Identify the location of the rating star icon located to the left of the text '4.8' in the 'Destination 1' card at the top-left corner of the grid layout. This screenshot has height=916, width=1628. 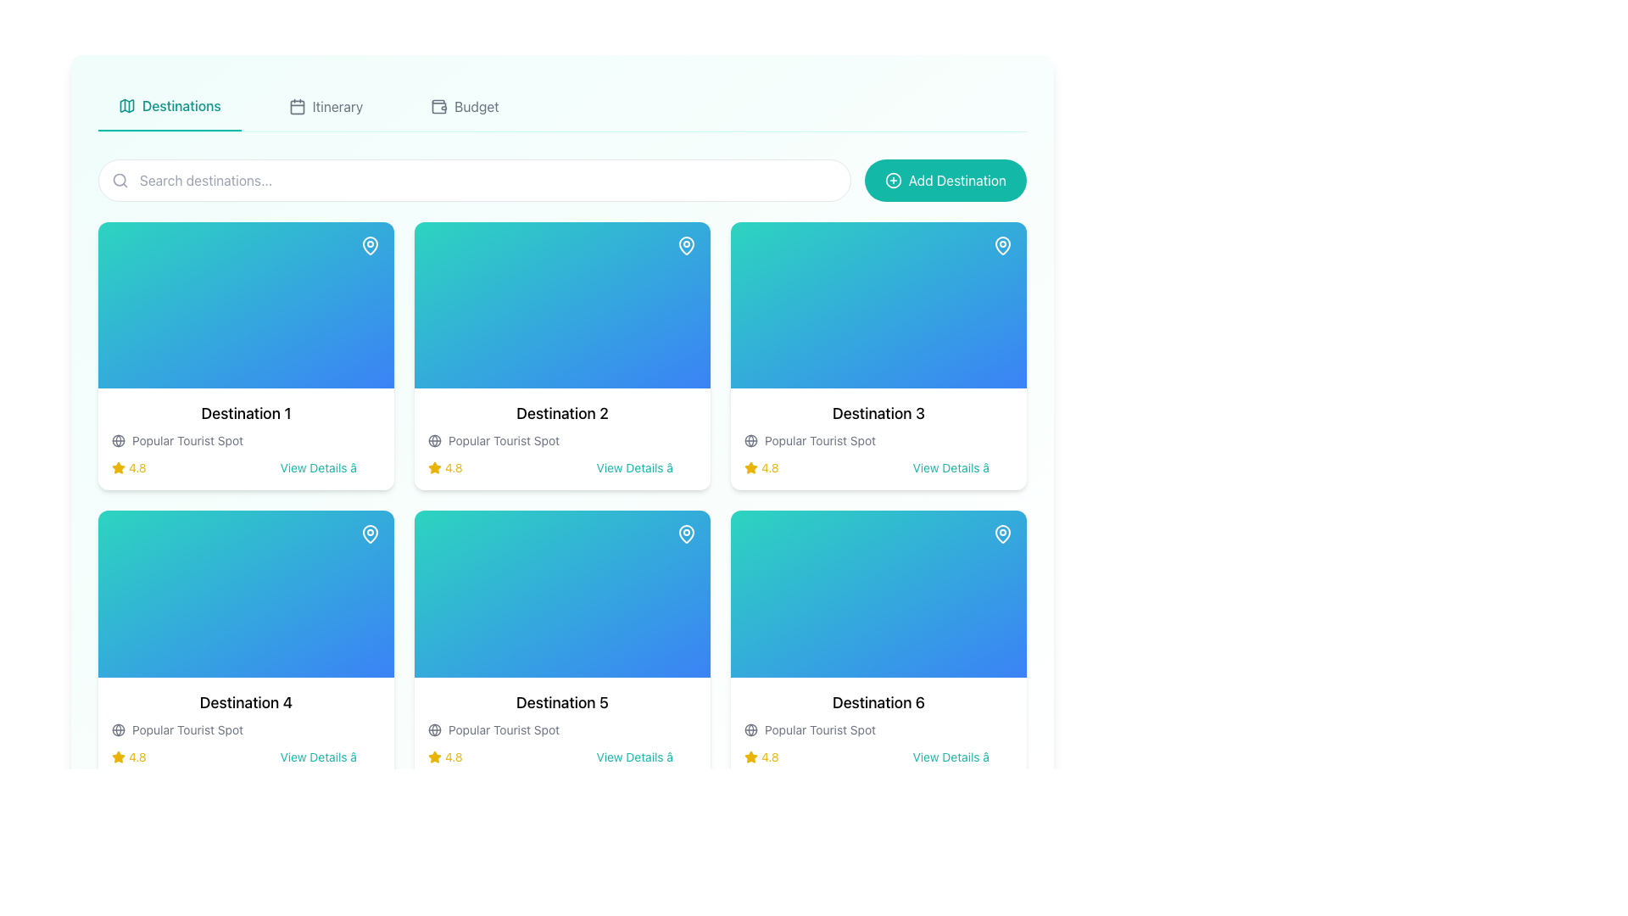
(117, 468).